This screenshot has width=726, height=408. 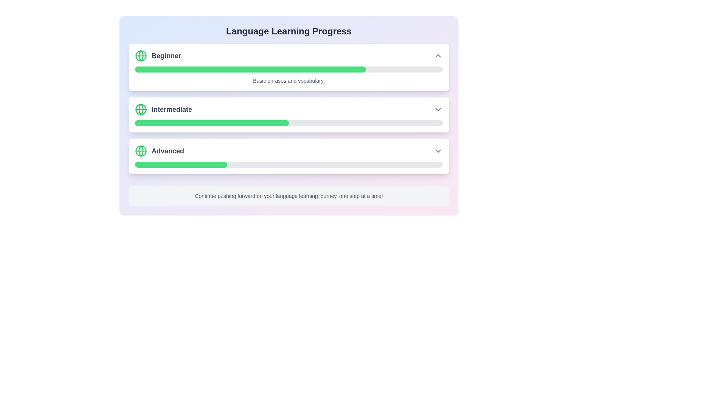 What do you see at coordinates (168, 151) in the screenshot?
I see `the 'Advanced' text label in the third row of the categorized learning progress sections, which is visually represented with a green globe icon on the left` at bounding box center [168, 151].